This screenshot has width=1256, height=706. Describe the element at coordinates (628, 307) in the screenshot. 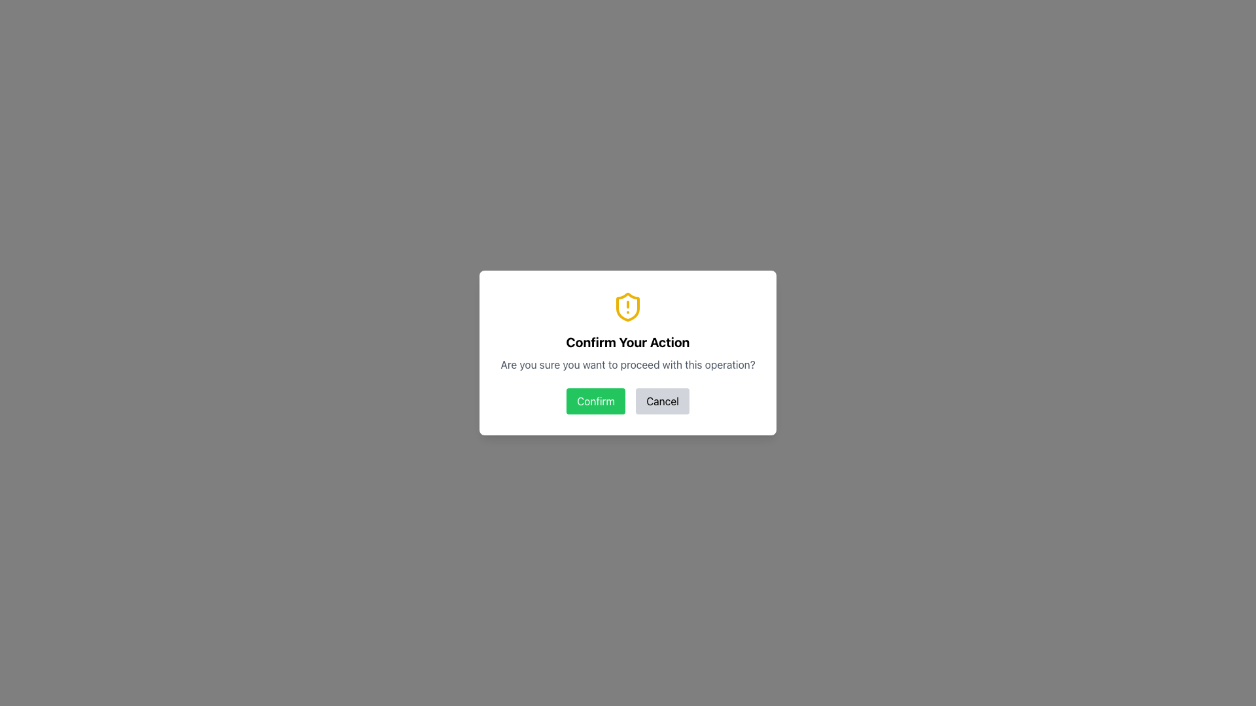

I see `the shield-shaped icon with a yellow outline and an exclamation mark inside, which is located at the top center of the dialog box above the text 'Confirm Your Action'` at that location.